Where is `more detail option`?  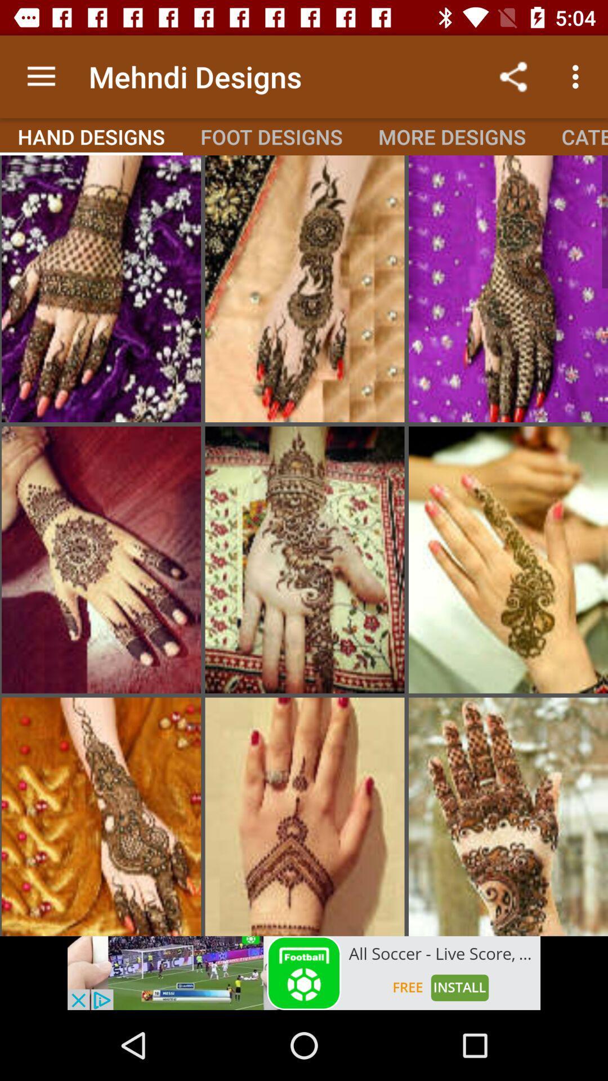 more detail option is located at coordinates (508, 560).